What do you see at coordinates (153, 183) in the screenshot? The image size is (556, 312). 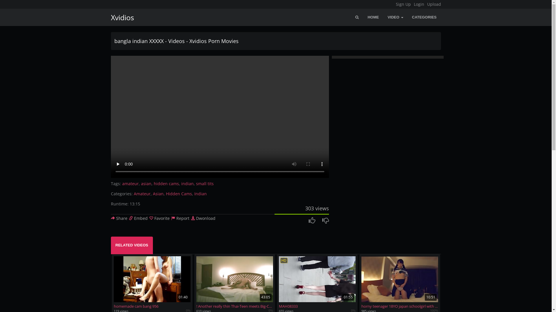 I see `'hidden cams'` at bounding box center [153, 183].